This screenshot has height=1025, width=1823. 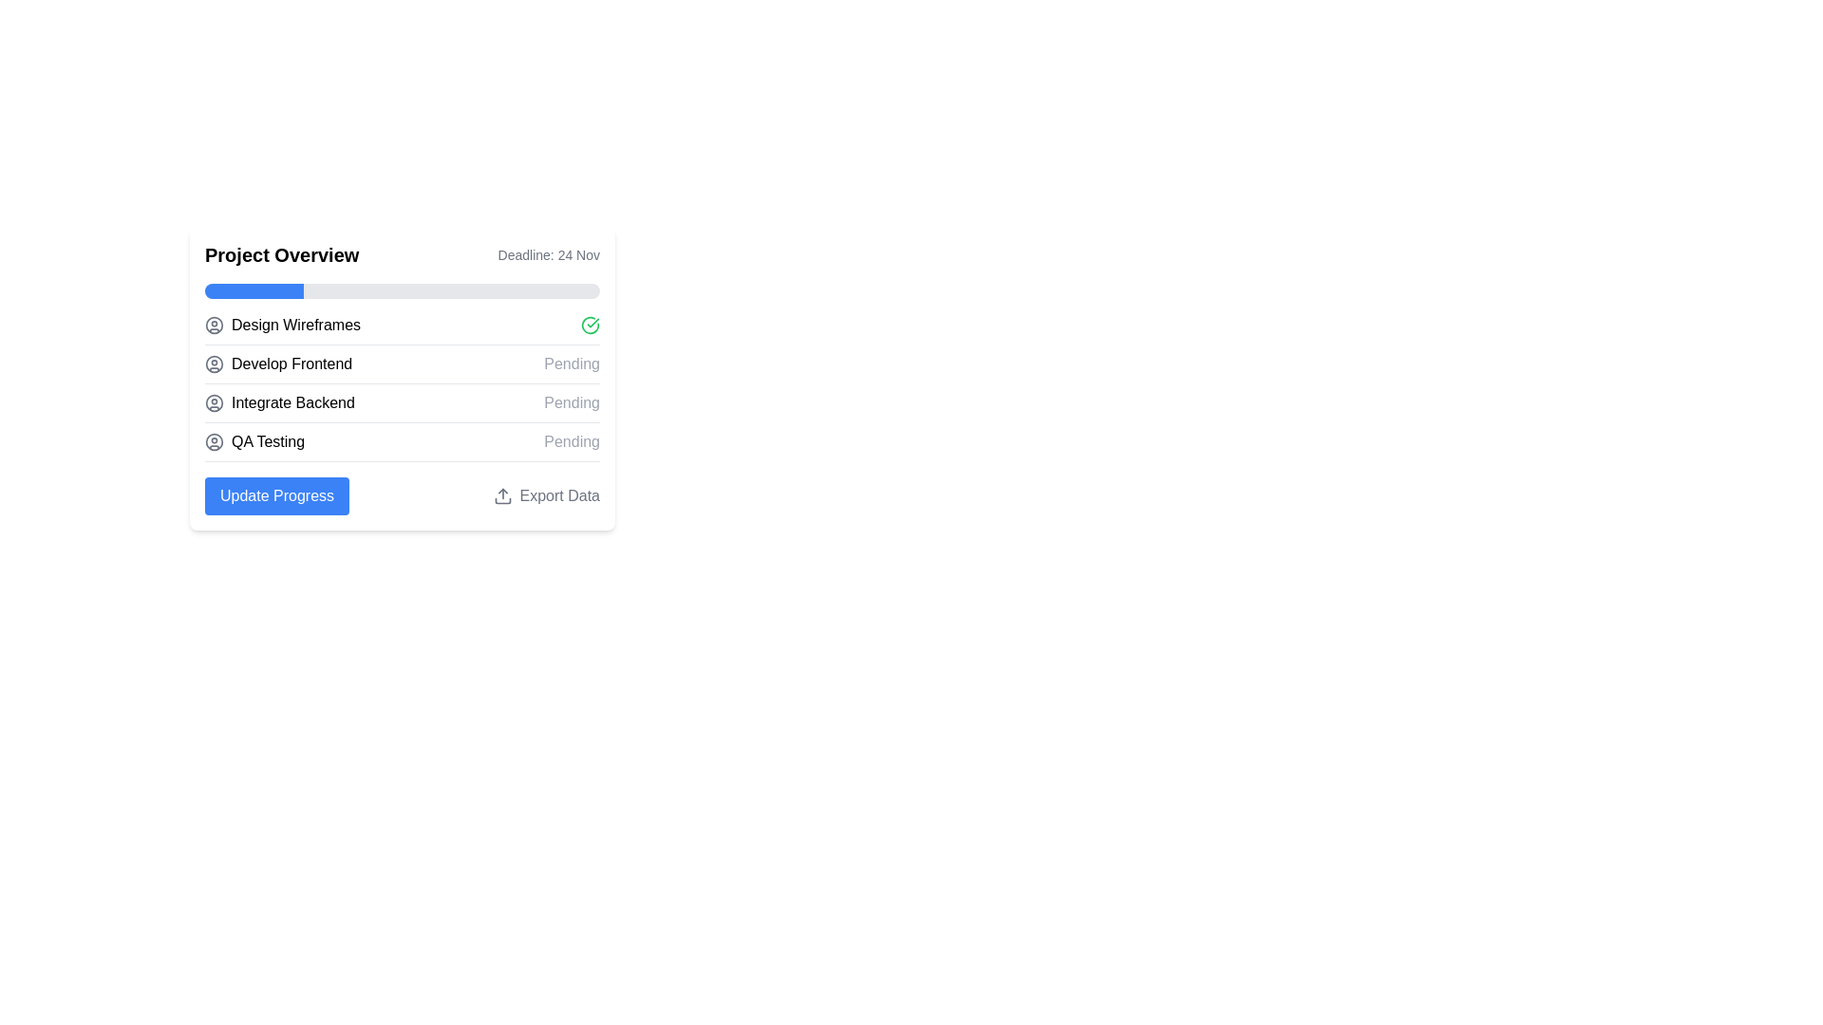 I want to click on the decorative avatar icon for the 'Design Wireframes' task, located to the left of the associated text, so click(x=214, y=325).